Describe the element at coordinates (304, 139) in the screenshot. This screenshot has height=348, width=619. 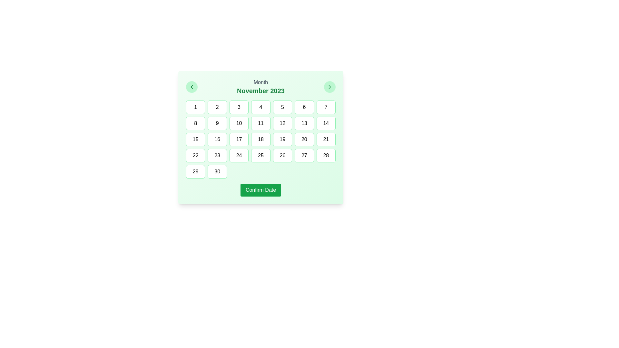
I see `the button representing the 20th of November 2023 in the calendar interface` at that location.